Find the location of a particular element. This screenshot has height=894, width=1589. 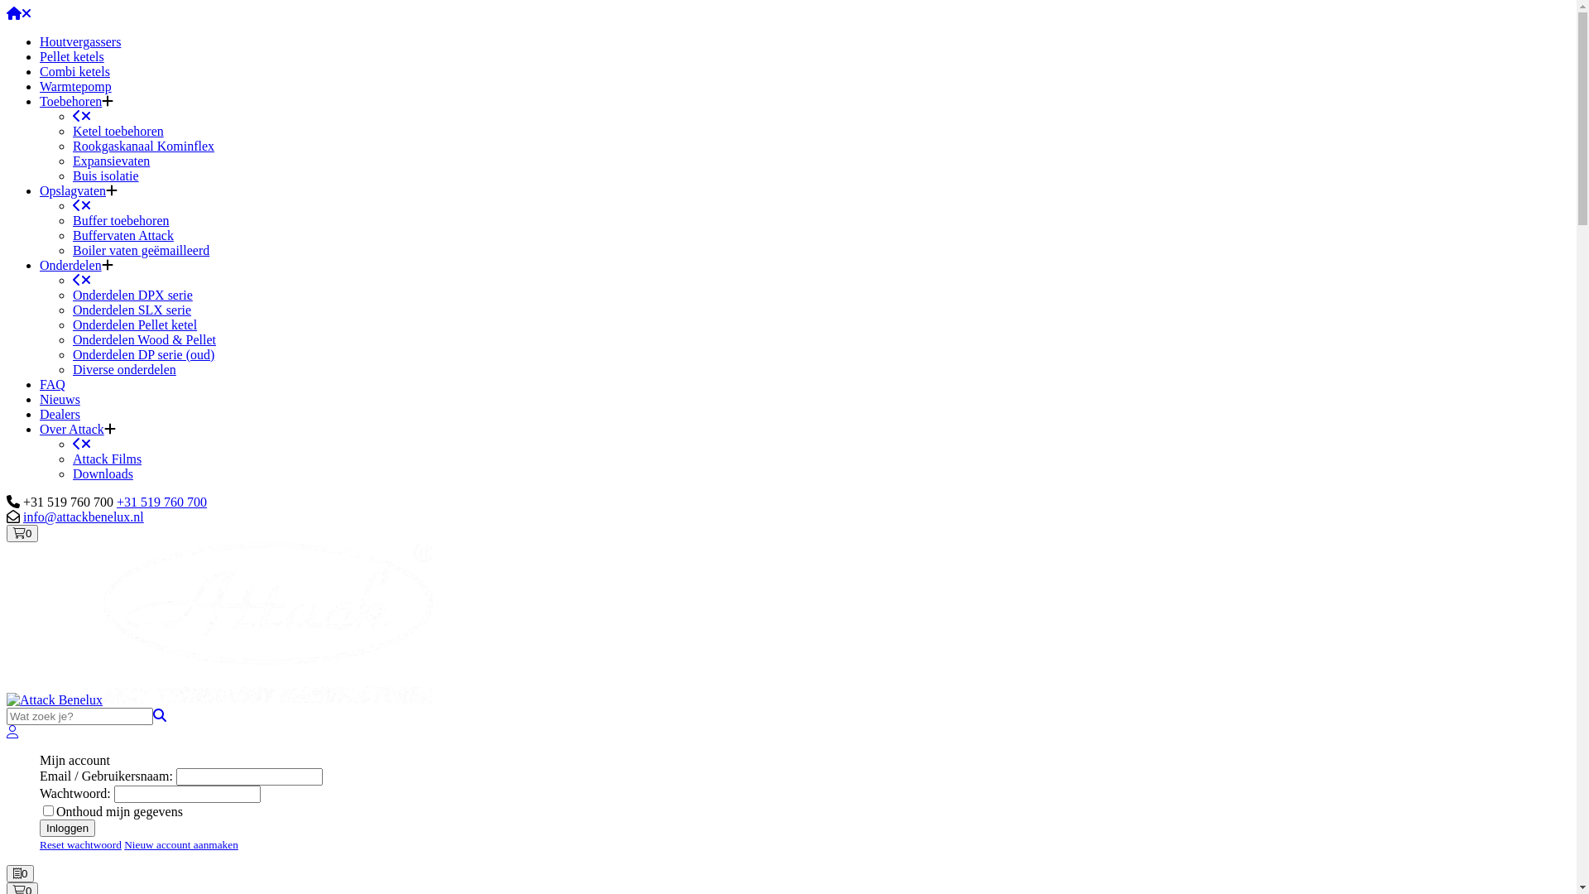

'Account' is located at coordinates (12, 731).